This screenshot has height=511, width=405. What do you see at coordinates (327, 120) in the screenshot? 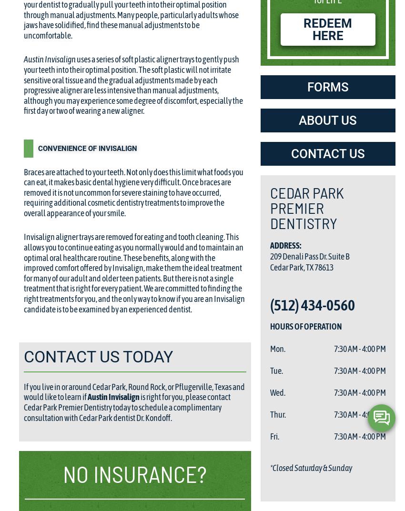
I see `'ABOUT US'` at bounding box center [327, 120].